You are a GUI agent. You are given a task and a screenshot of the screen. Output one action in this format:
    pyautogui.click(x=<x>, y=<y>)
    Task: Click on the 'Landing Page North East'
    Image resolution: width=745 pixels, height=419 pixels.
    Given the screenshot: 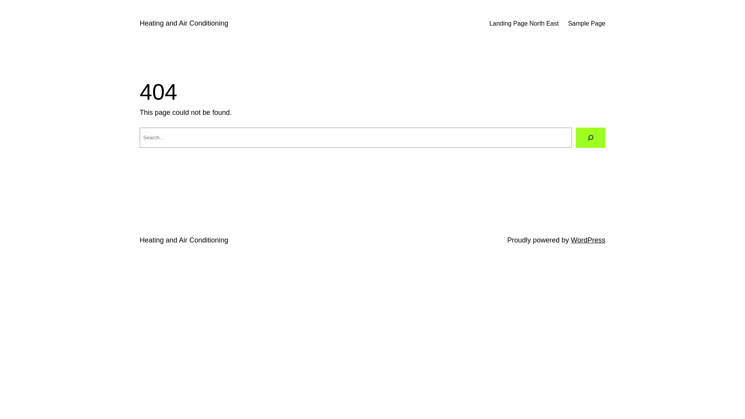 What is the action you would take?
    pyautogui.click(x=489, y=23)
    